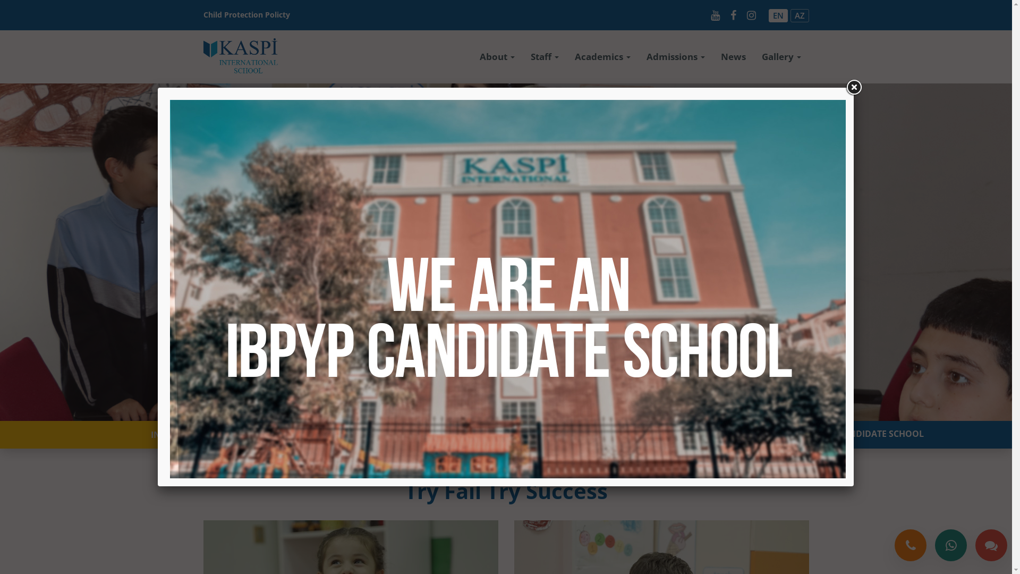  I want to click on 'Academics', so click(602, 57).